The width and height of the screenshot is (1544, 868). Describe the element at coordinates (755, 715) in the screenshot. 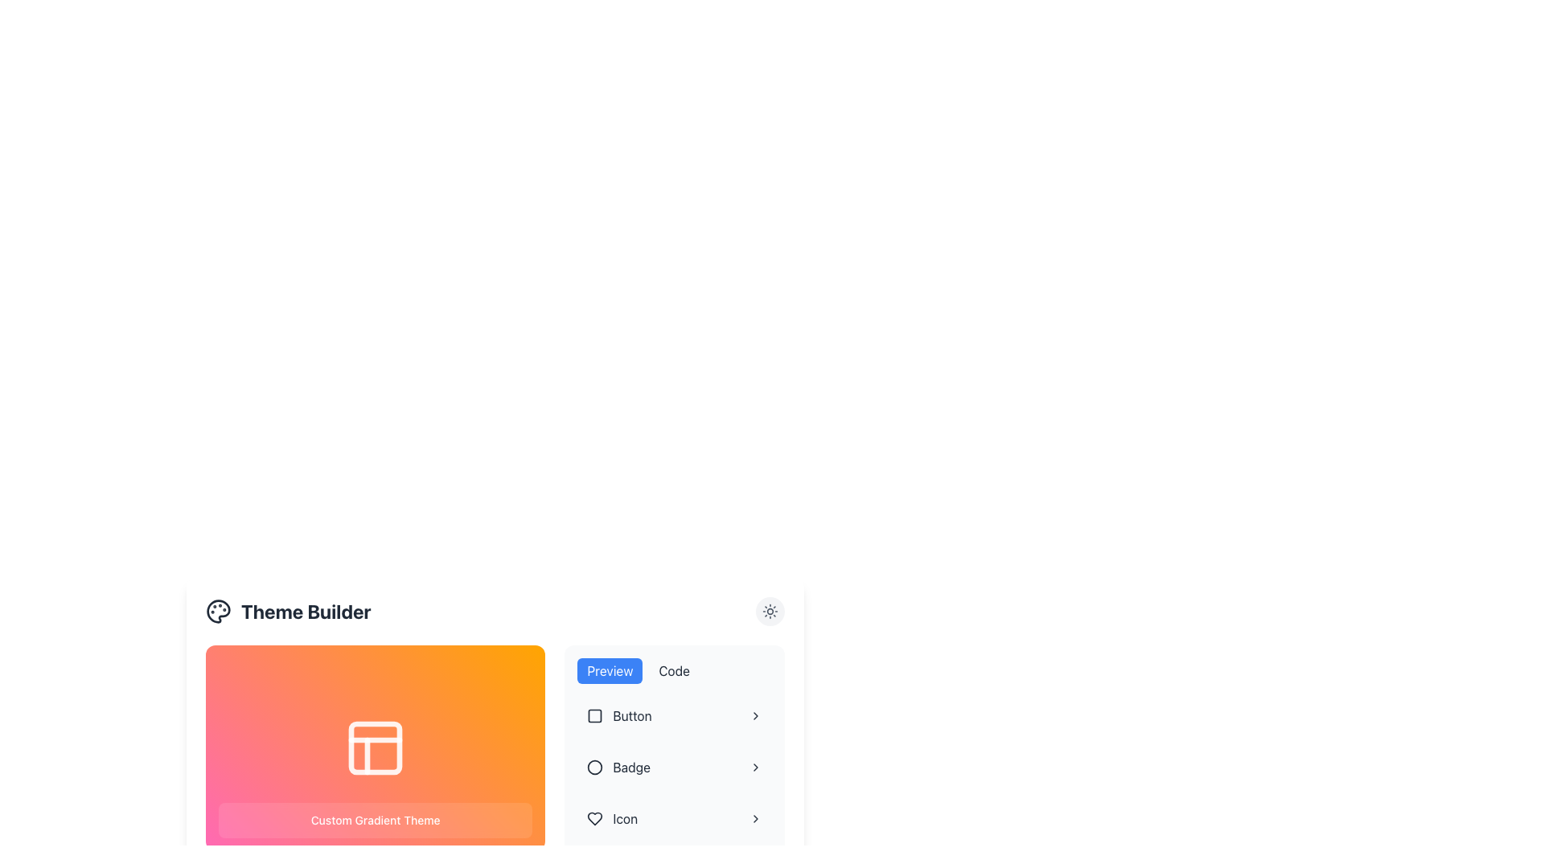

I see `the chevron icon pointing to the right, which is located as the rightmost element within a button labeled 'Button' below the 'Preview' and 'Code' options` at that location.